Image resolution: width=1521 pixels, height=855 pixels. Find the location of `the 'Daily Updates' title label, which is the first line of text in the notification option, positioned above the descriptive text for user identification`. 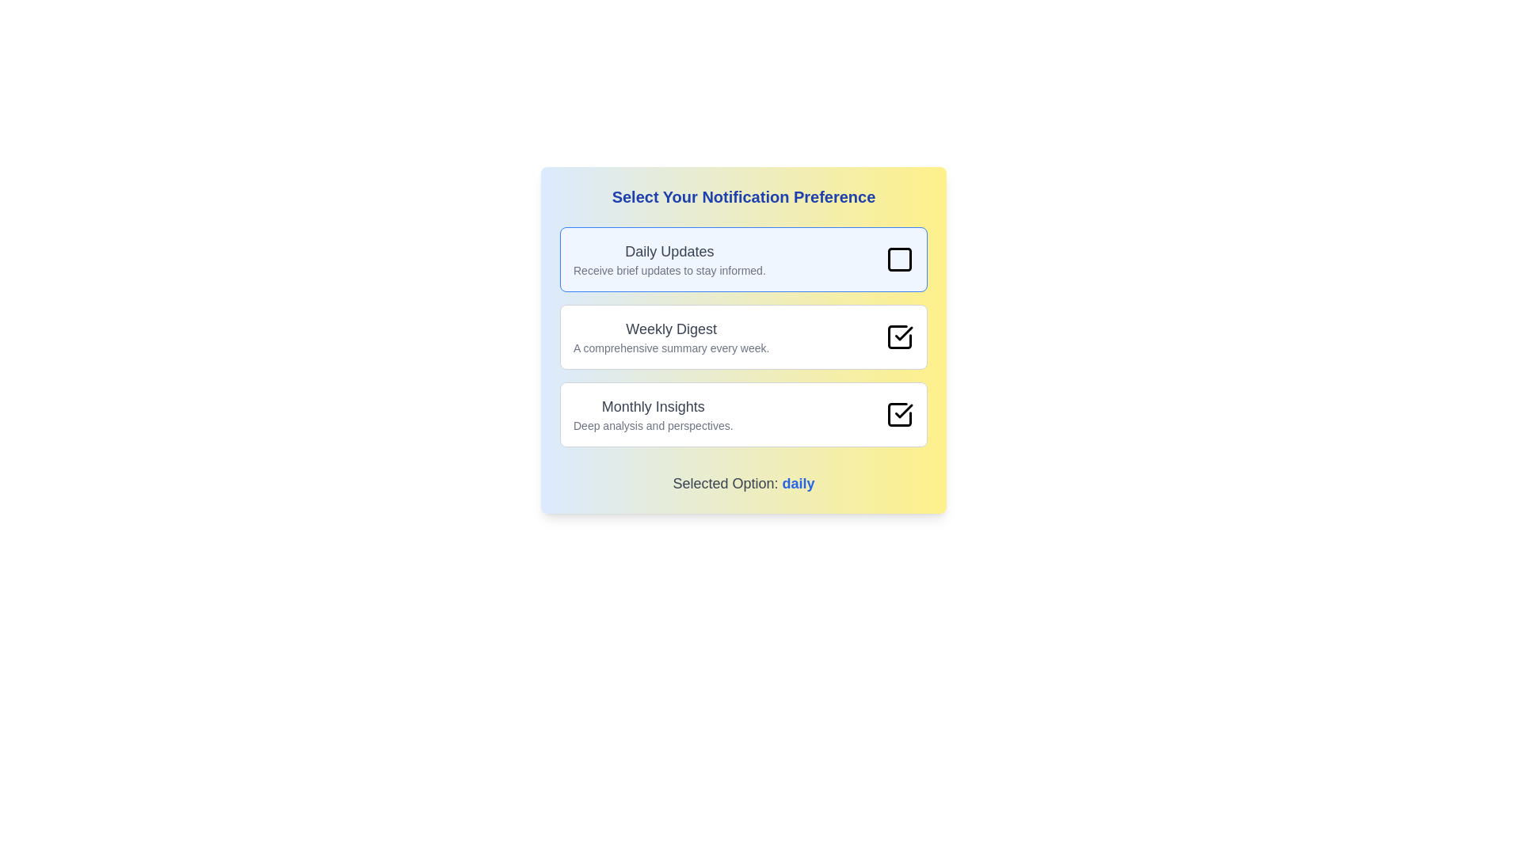

the 'Daily Updates' title label, which is the first line of text in the notification option, positioned above the descriptive text for user identification is located at coordinates (669, 250).